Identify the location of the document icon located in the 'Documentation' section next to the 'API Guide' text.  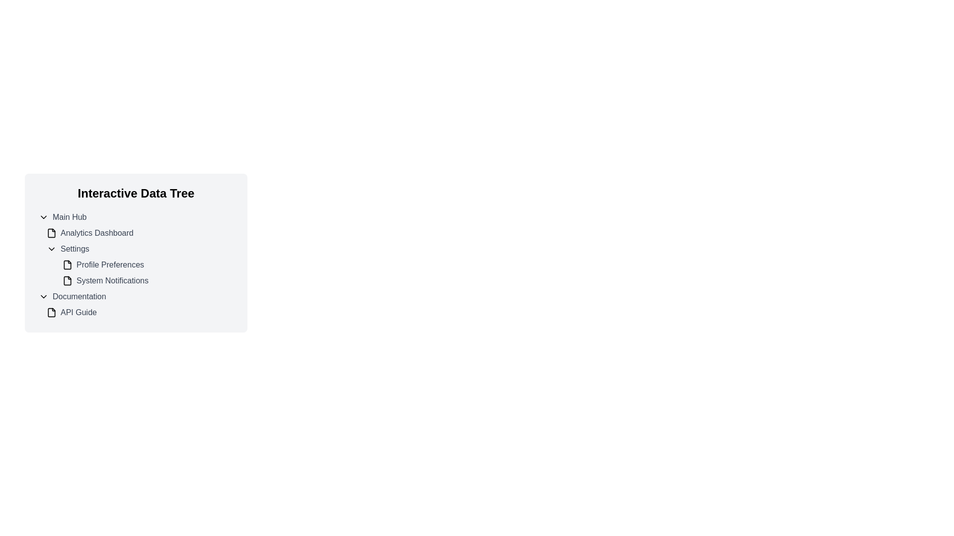
(51, 312).